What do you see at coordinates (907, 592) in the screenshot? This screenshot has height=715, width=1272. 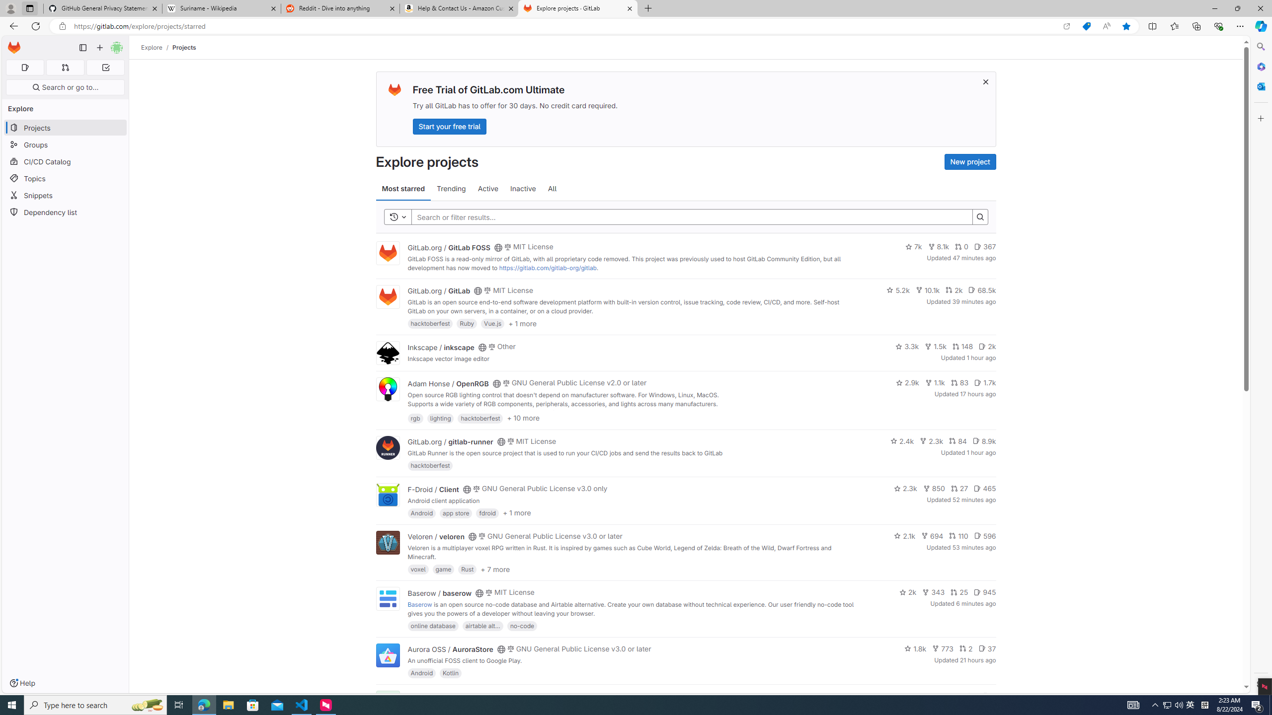 I see `'2k'` at bounding box center [907, 592].